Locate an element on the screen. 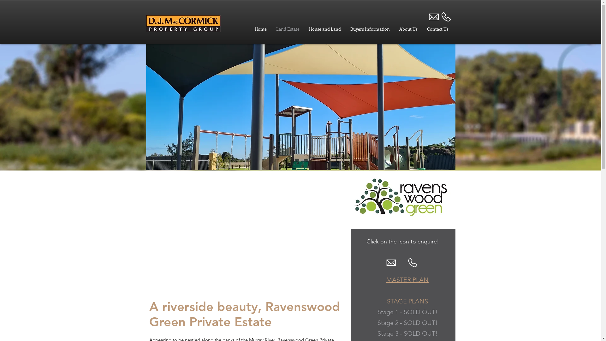 The width and height of the screenshot is (606, 341). 'Buyers Information' is located at coordinates (370, 29).